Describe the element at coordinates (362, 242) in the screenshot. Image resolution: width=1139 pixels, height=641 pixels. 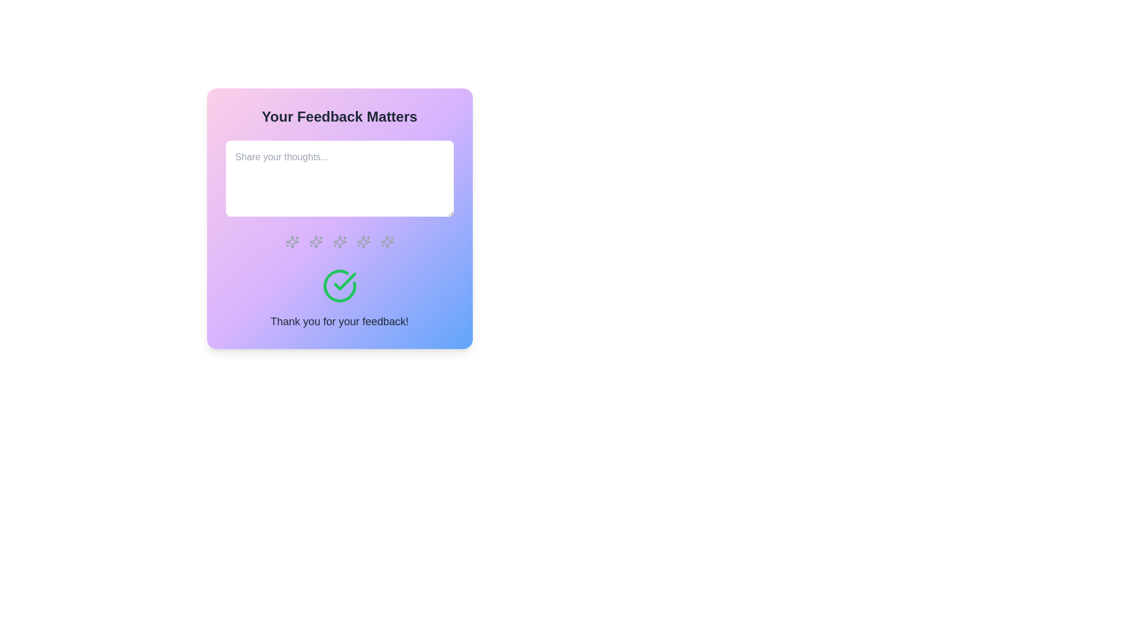
I see `the third star-shaped icon in the star-based rating system` at that location.